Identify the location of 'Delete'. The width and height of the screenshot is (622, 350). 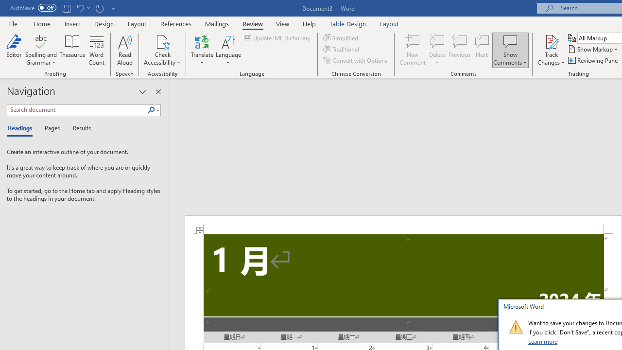
(437, 50).